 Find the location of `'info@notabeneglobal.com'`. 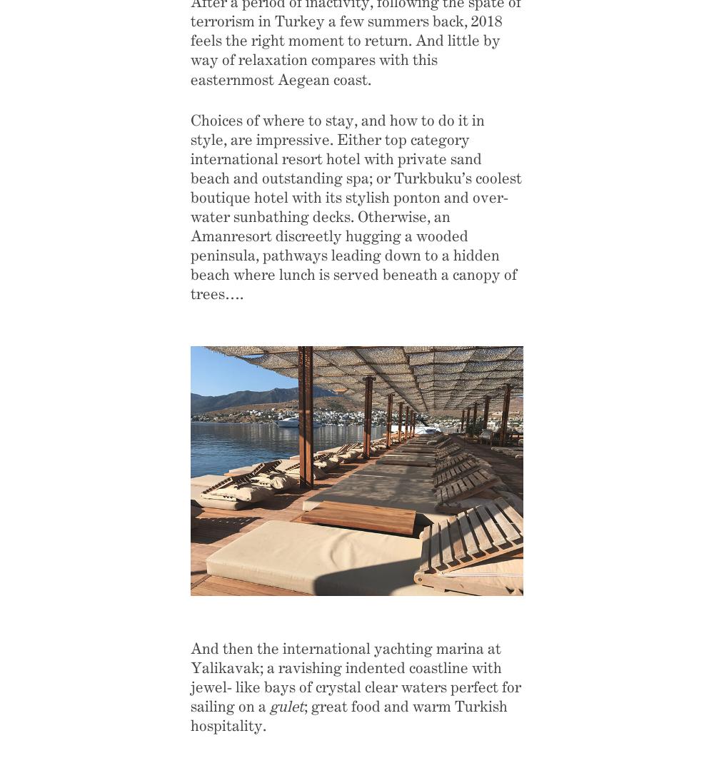

'info@notabeneglobal.com' is located at coordinates (134, 532).